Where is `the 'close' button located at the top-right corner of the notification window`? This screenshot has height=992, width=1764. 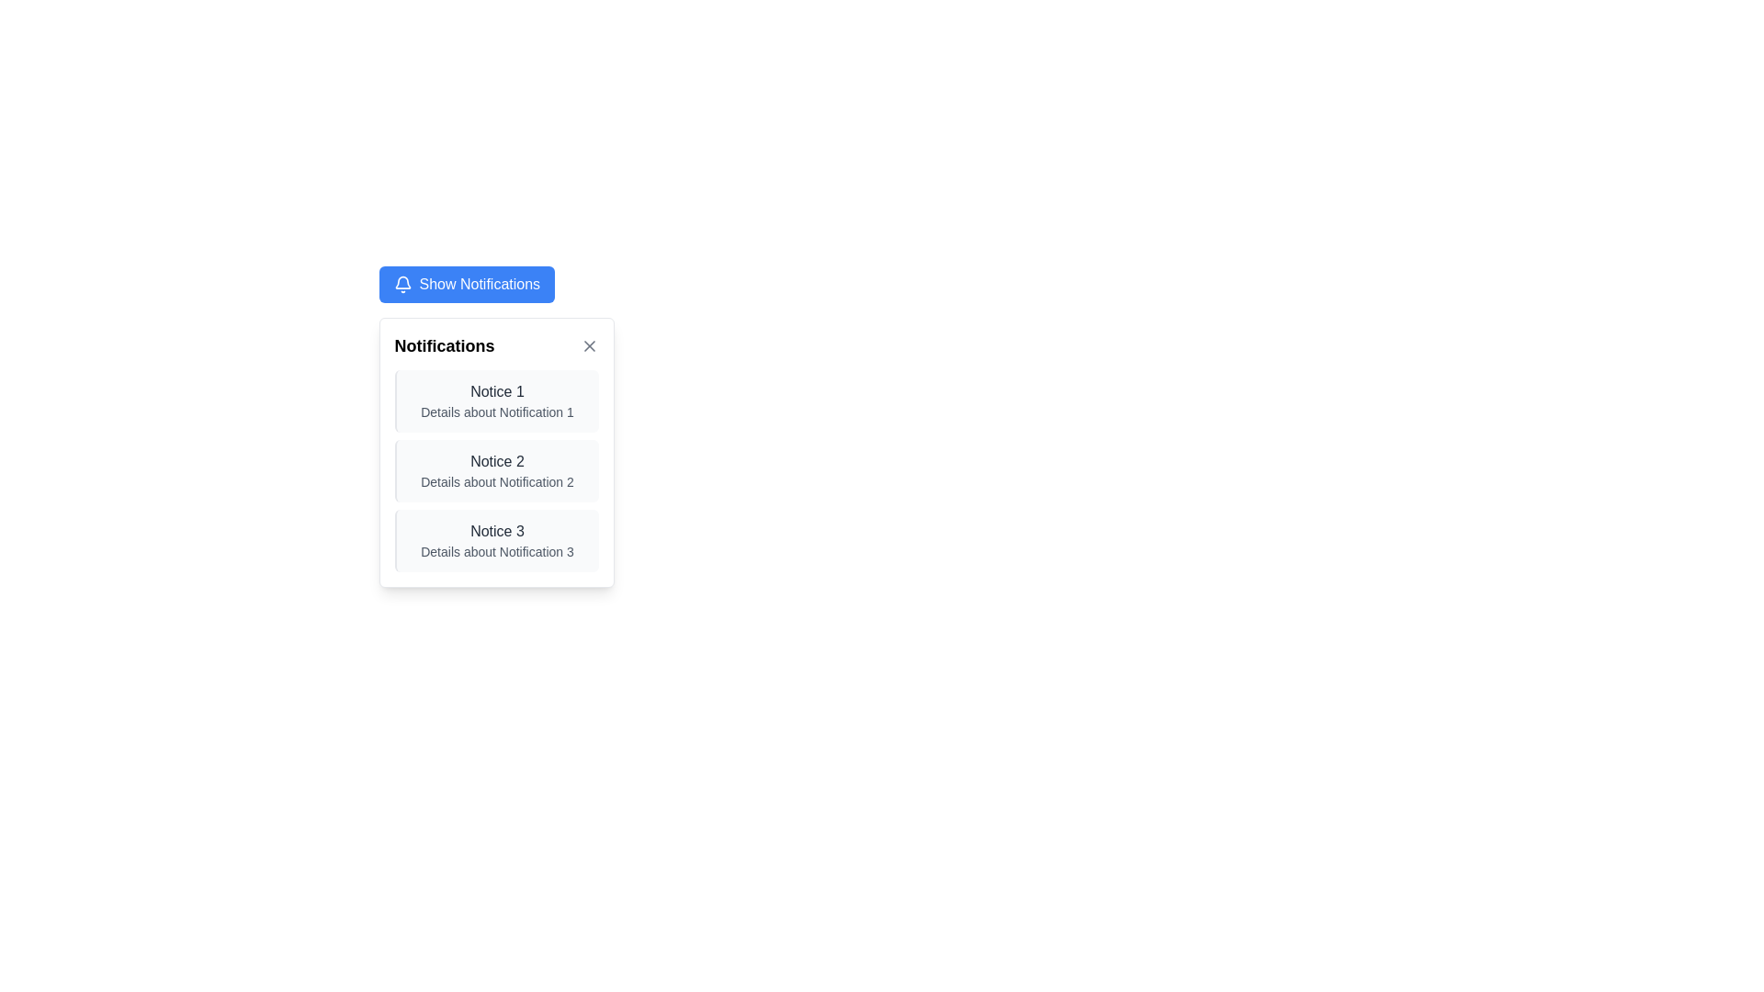
the 'close' button located at the top-right corner of the notification window is located at coordinates (589, 346).